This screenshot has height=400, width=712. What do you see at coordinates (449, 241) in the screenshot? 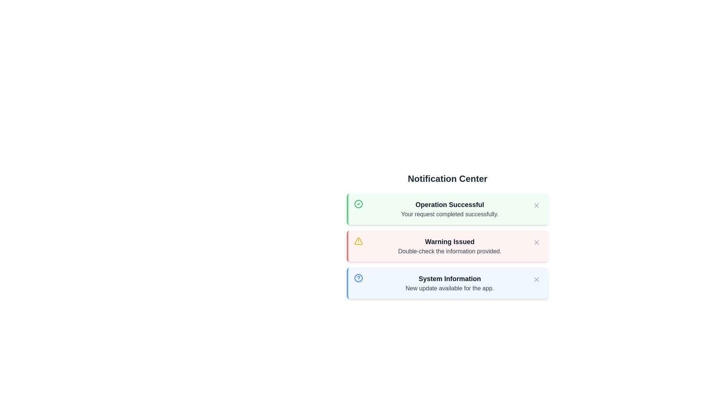
I see `the main title of the warning notification located in the second notification box between the 'Operation Successful' and 'System Information' notifications` at bounding box center [449, 241].